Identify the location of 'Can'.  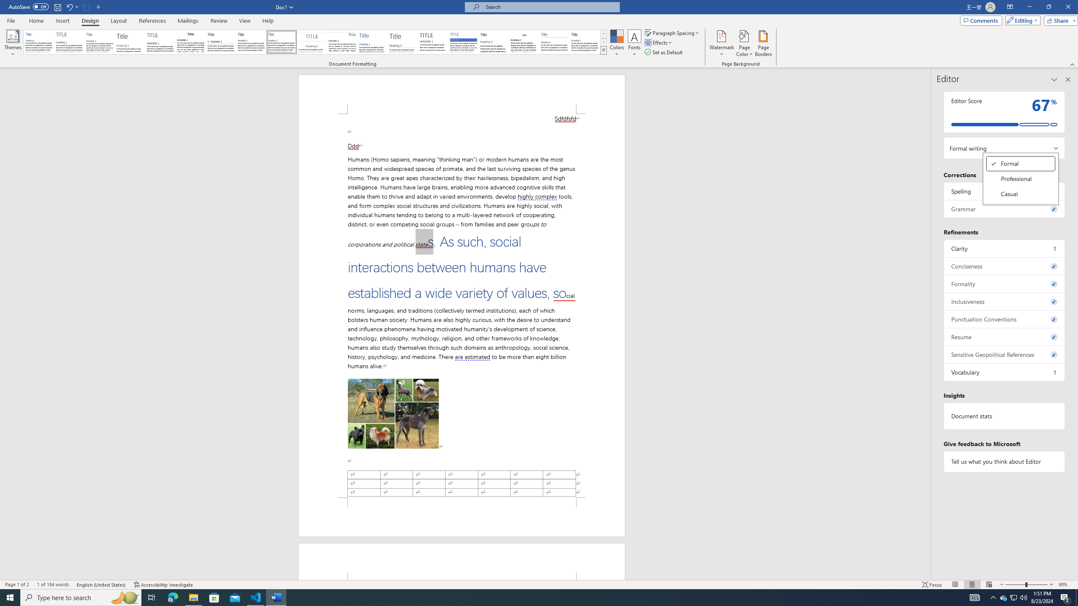
(86, 6).